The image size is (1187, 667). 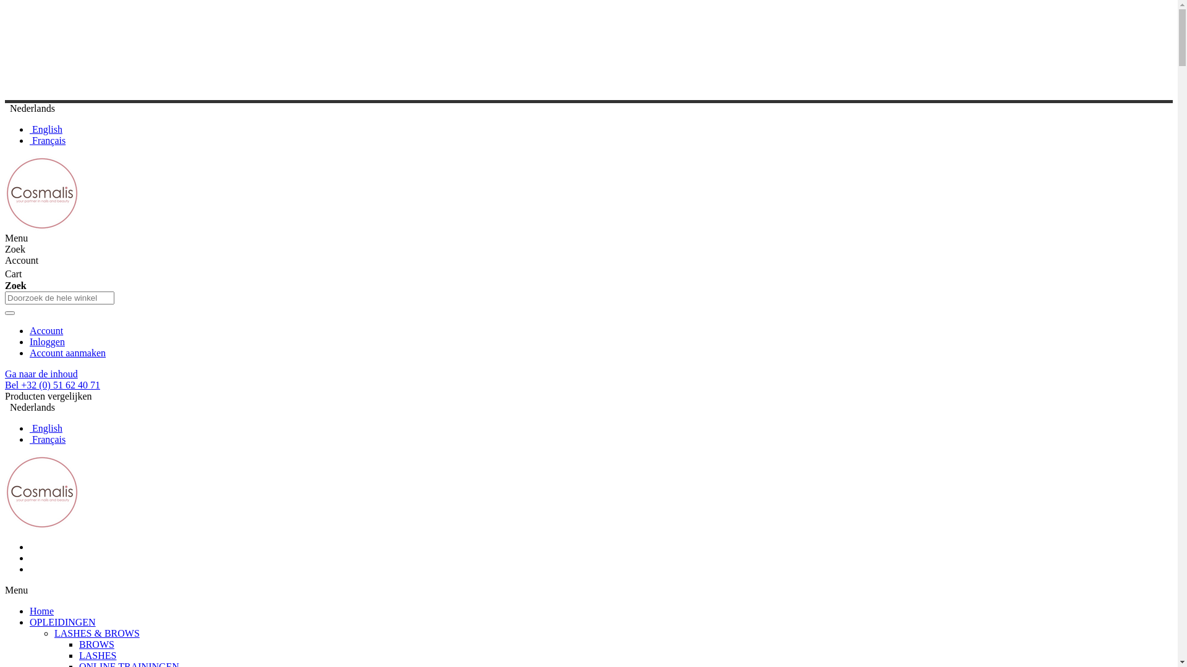 I want to click on ' English', so click(x=46, y=129).